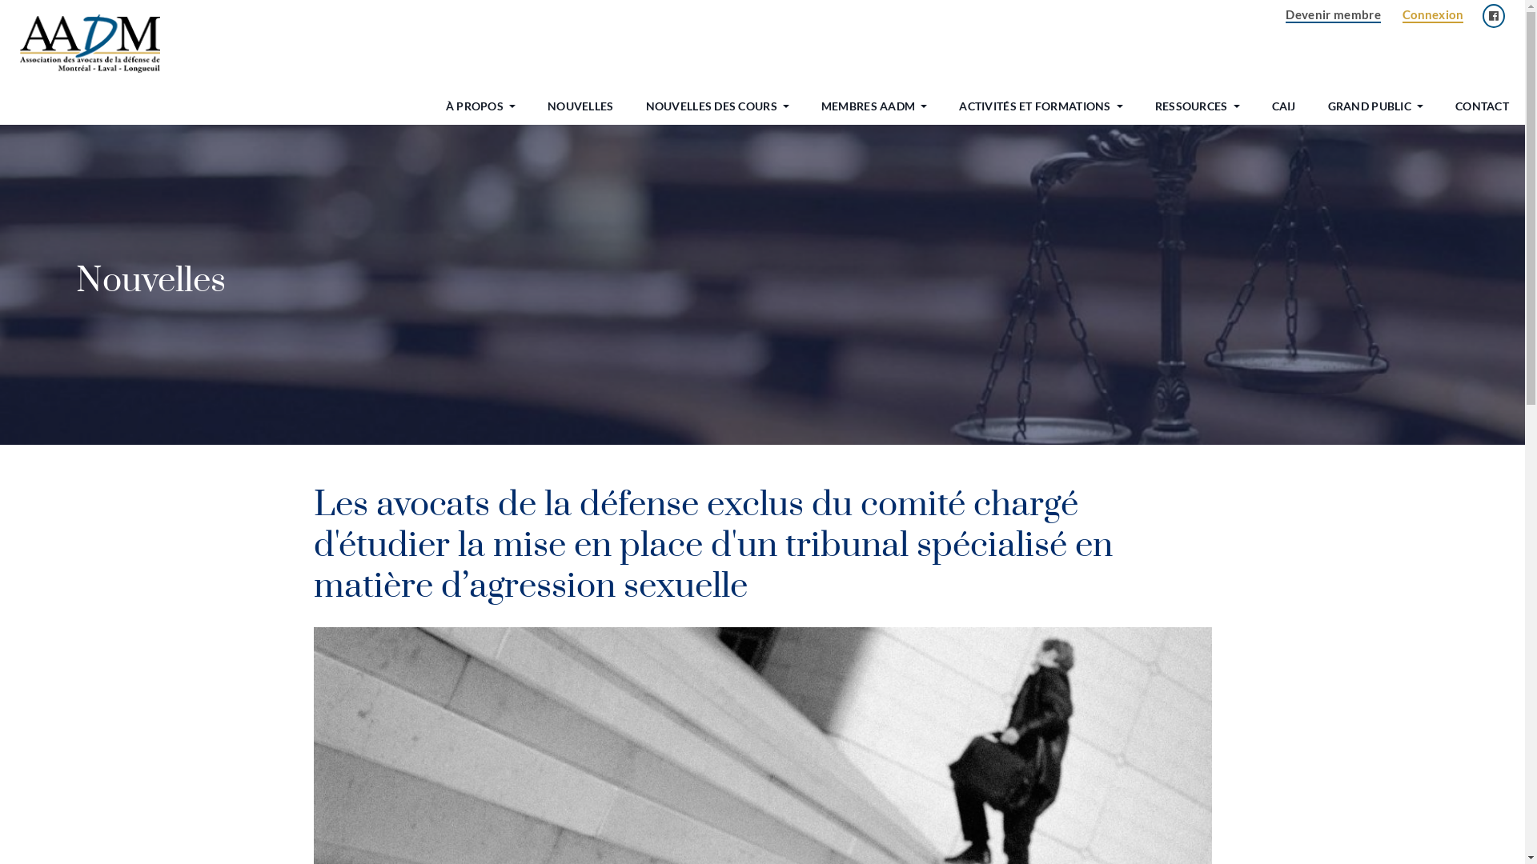 This screenshot has width=1537, height=864. Describe the element at coordinates (531, 106) in the screenshot. I see `'NOUVELLES'` at that location.